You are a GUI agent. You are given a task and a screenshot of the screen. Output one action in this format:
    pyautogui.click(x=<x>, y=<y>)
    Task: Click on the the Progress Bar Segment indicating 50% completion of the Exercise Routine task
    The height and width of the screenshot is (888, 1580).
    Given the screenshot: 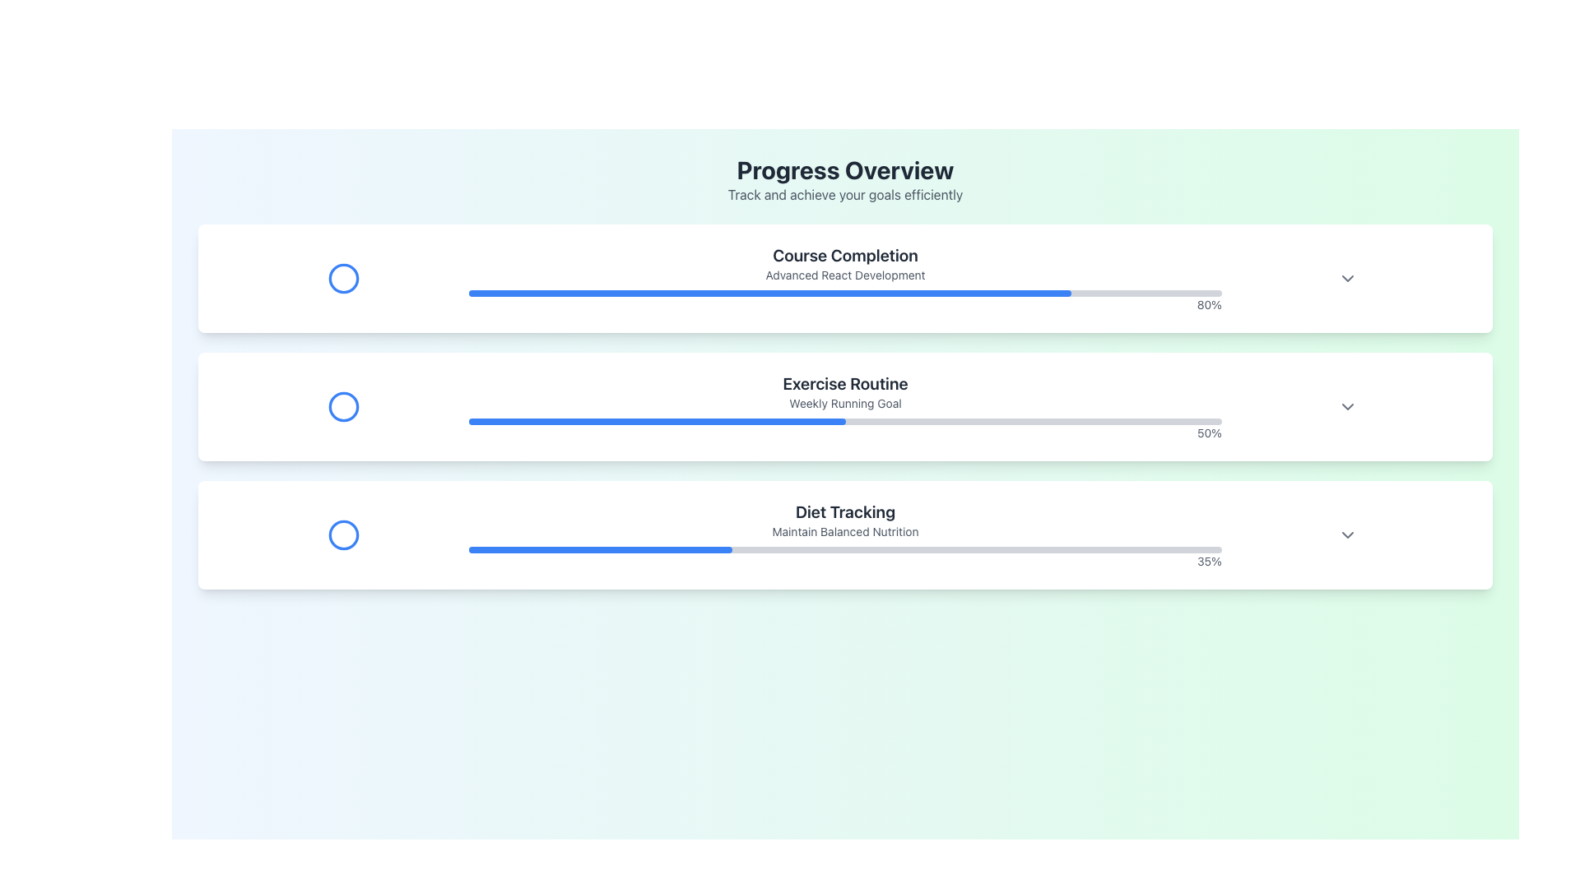 What is the action you would take?
    pyautogui.click(x=656, y=421)
    